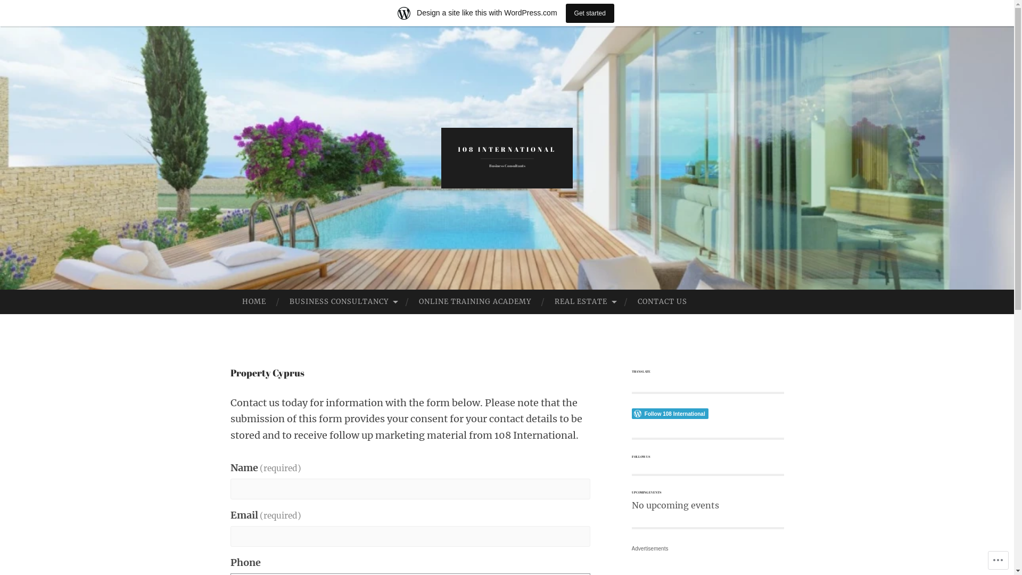 This screenshot has width=1022, height=575. What do you see at coordinates (542, 302) in the screenshot?
I see `'REAL ESTATE'` at bounding box center [542, 302].